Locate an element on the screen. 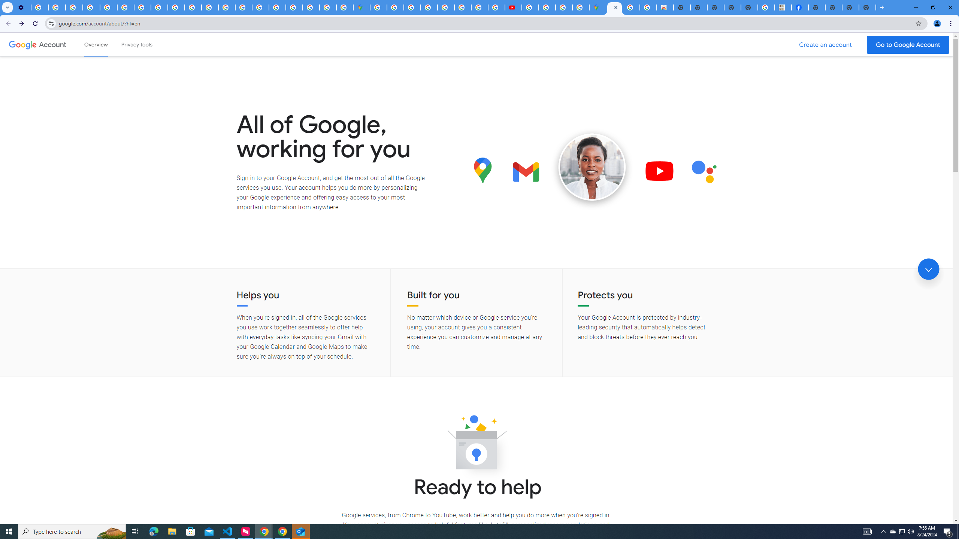 The height and width of the screenshot is (539, 959). 'New Tab' is located at coordinates (867, 7).